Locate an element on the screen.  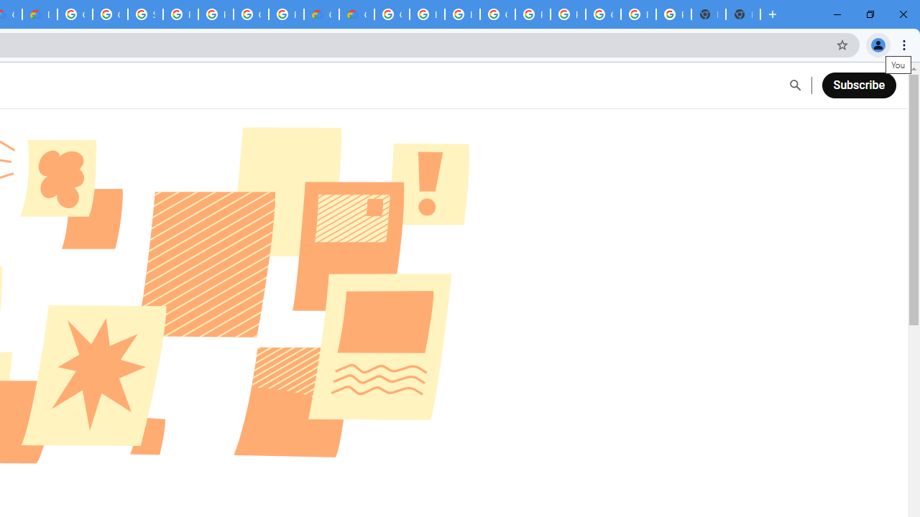
'Open Search' is located at coordinates (794, 85).